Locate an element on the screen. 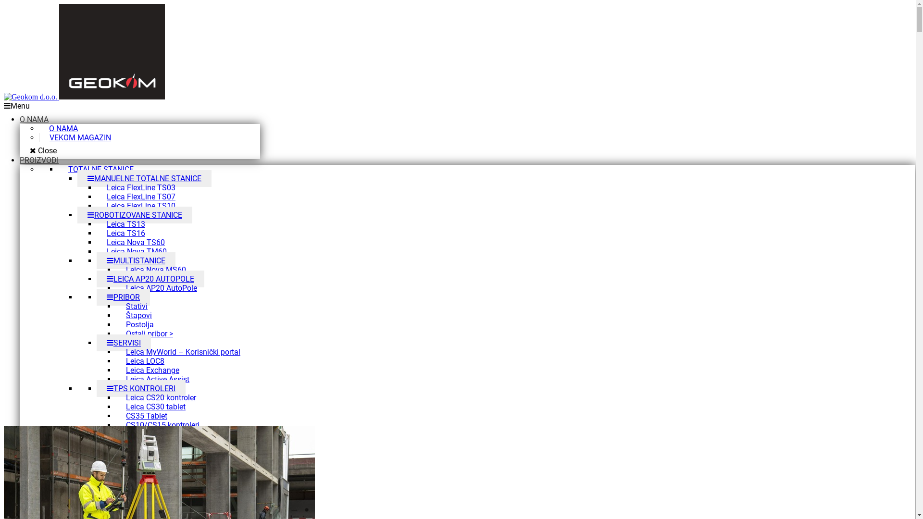 The image size is (923, 519). 'TOTALNE STANICE' is located at coordinates (101, 169).